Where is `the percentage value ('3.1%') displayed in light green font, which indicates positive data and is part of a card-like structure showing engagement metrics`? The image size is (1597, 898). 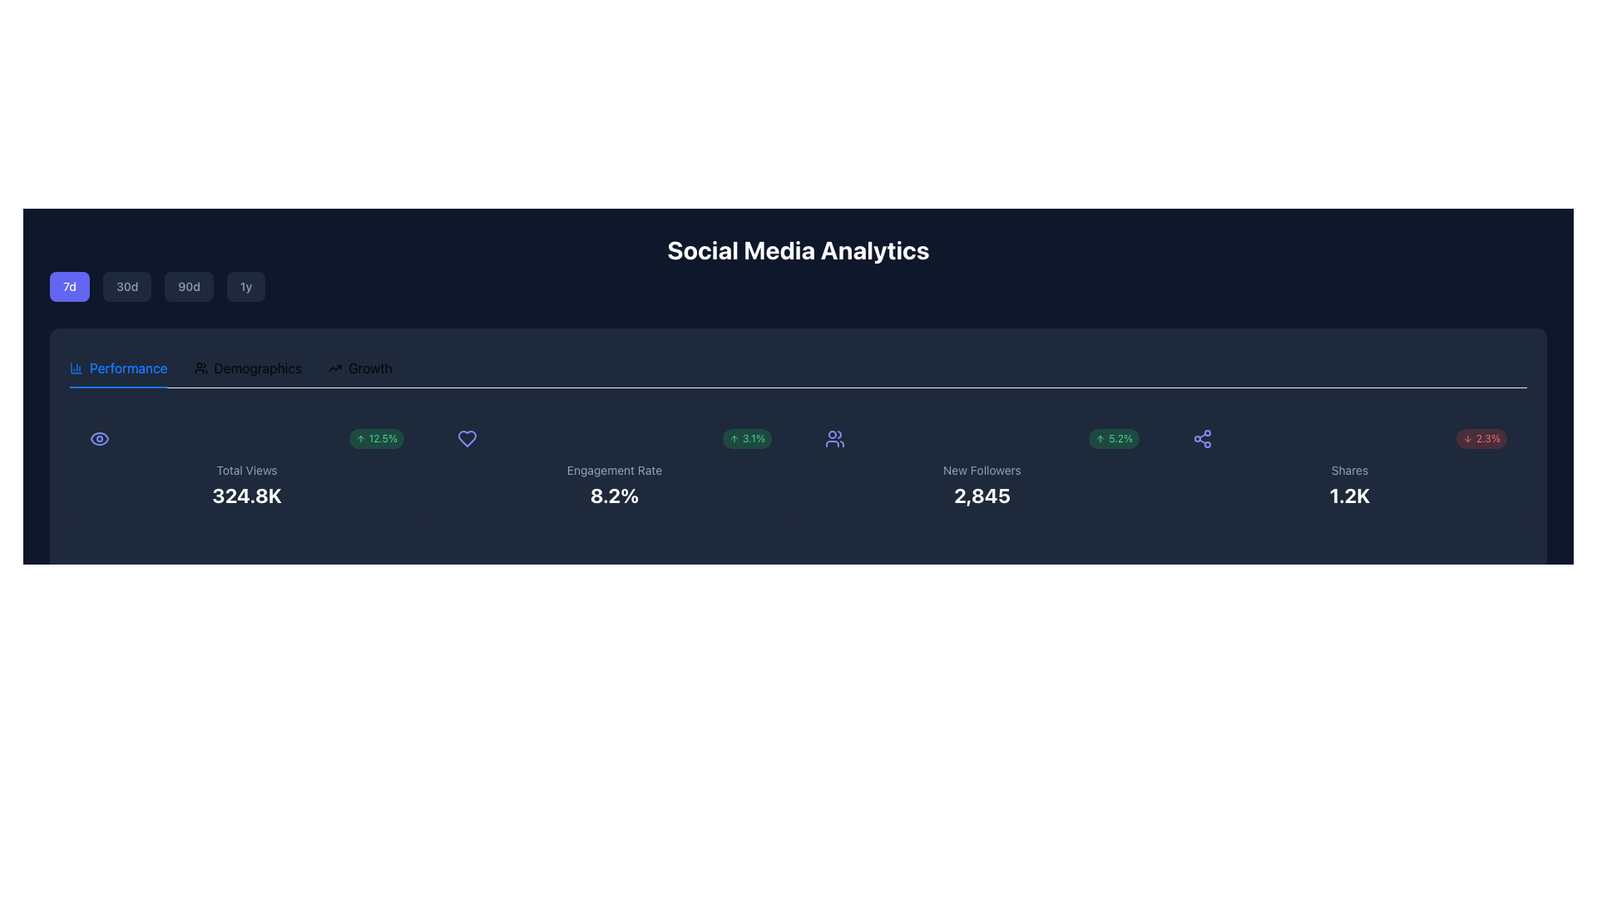 the percentage value ('3.1%') displayed in light green font, which indicates positive data and is part of a card-like structure showing engagement metrics is located at coordinates (614, 438).